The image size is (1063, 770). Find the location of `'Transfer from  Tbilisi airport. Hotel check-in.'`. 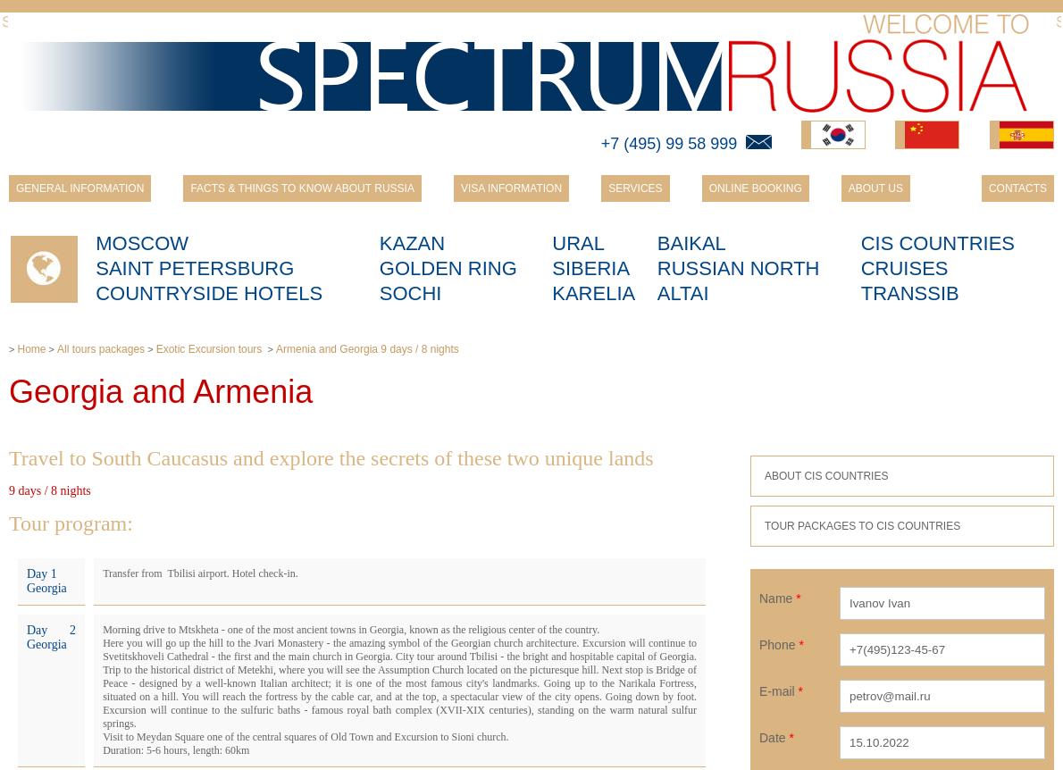

'Transfer from  Tbilisi airport. Hotel check-in.' is located at coordinates (101, 573).